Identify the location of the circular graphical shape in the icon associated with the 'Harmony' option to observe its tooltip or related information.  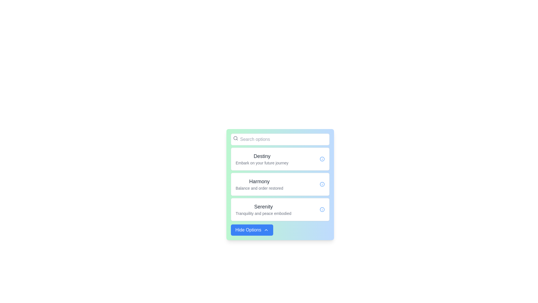
(322, 159).